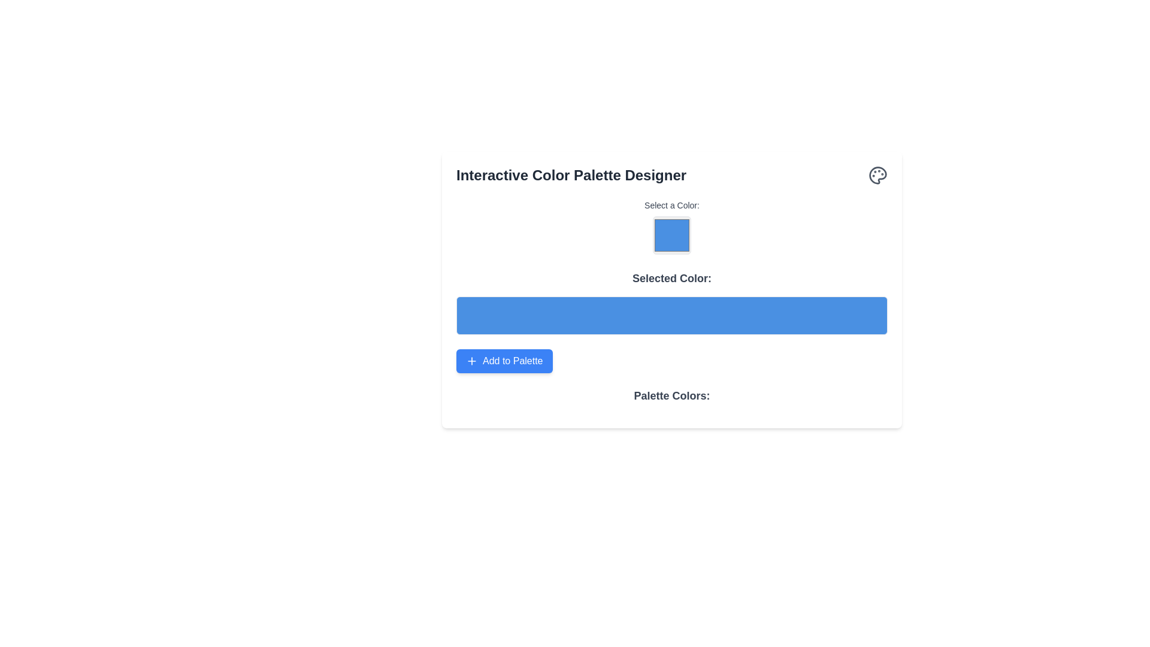 The image size is (1150, 647). Describe the element at coordinates (672, 395) in the screenshot. I see `the static header text indicating the section for displaying or interacting with palette colors, located at the center horizontally near the bottom of the interface` at that location.